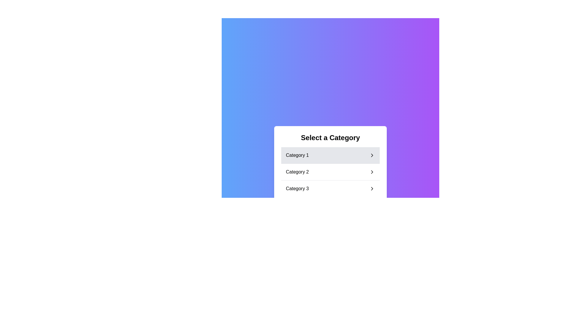 This screenshot has height=316, width=563. Describe the element at coordinates (297, 188) in the screenshot. I see `text label menu item for 'Category 3', which is located below 'Category 2' in the vertical menu` at that location.